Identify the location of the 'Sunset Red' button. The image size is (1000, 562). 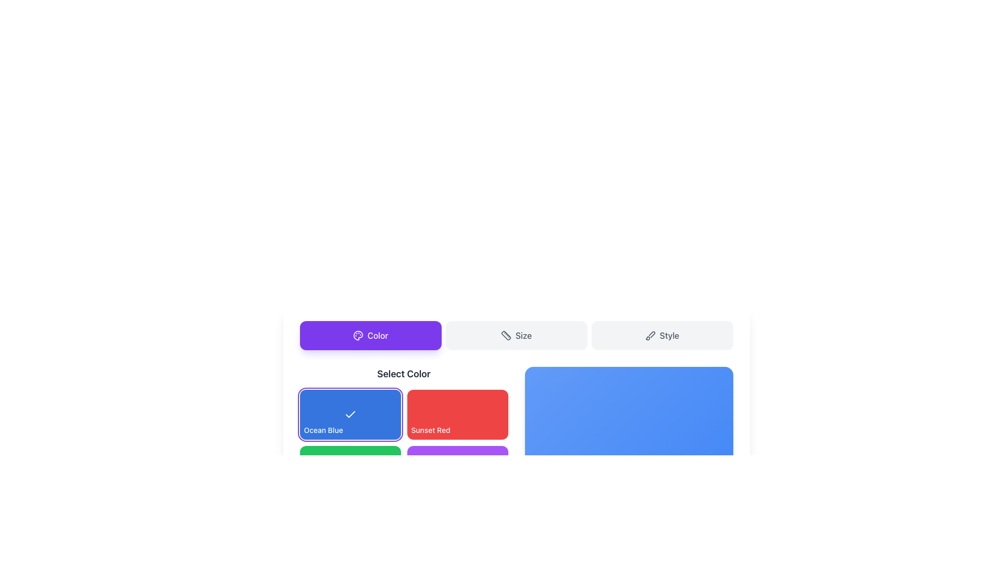
(457, 414).